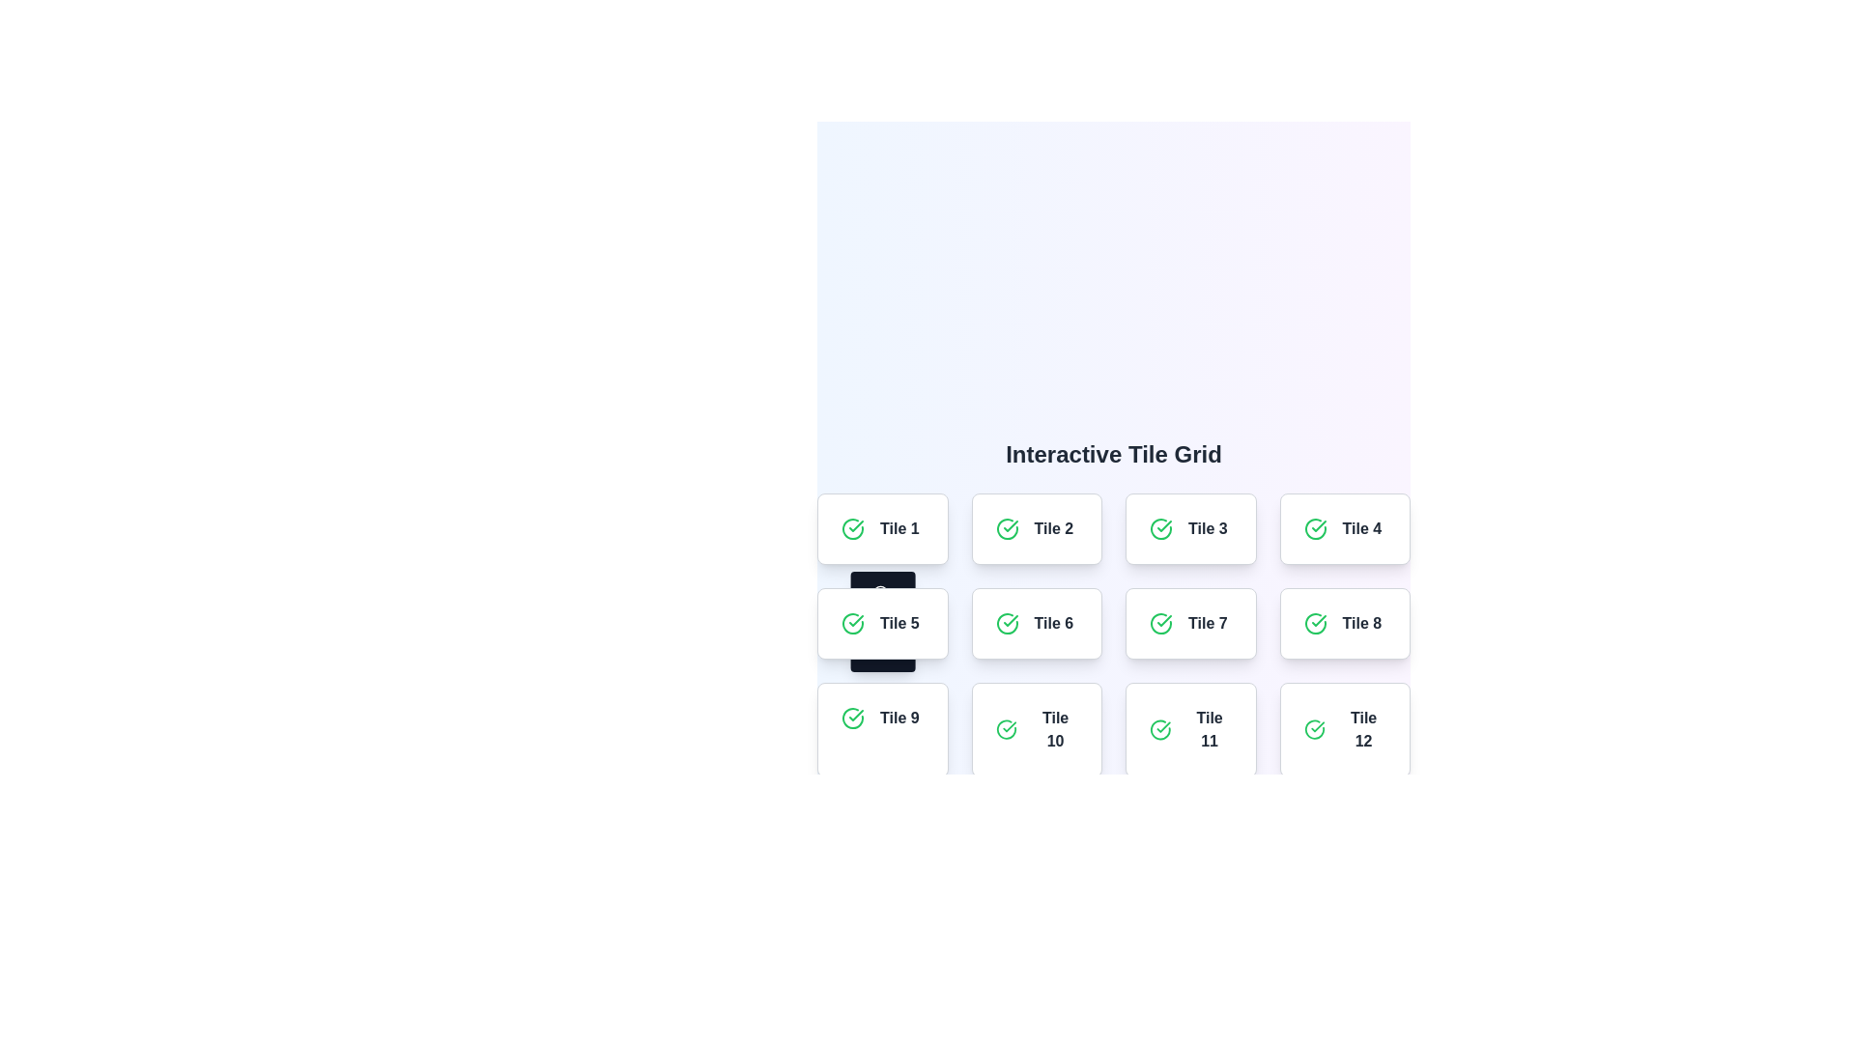 This screenshot has width=1855, height=1043. Describe the element at coordinates (881, 528) in the screenshot. I see `the first interactive tile in the grid layout` at that location.